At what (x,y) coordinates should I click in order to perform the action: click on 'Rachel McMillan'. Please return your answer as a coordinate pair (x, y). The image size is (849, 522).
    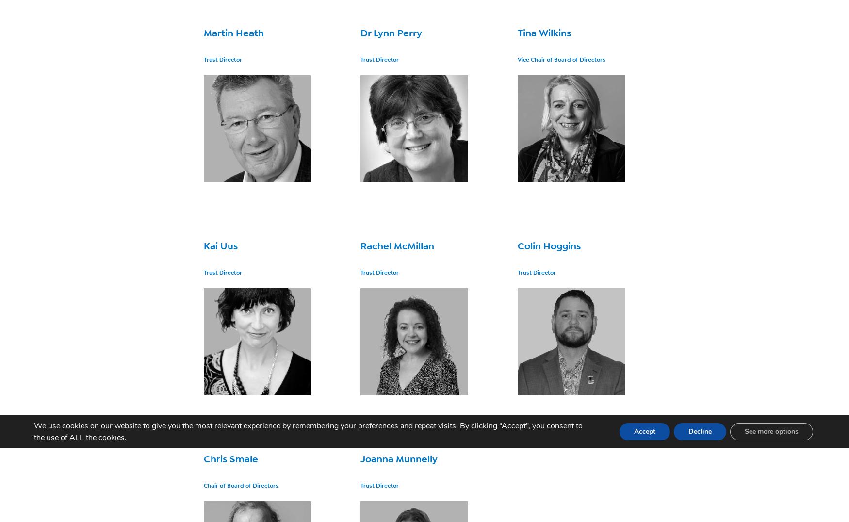
    Looking at the image, I should click on (397, 246).